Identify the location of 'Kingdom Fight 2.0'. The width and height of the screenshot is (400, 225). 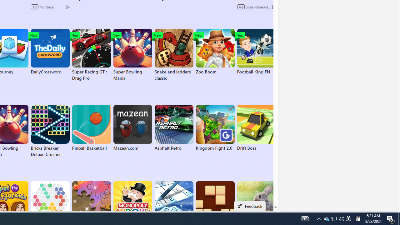
(215, 128).